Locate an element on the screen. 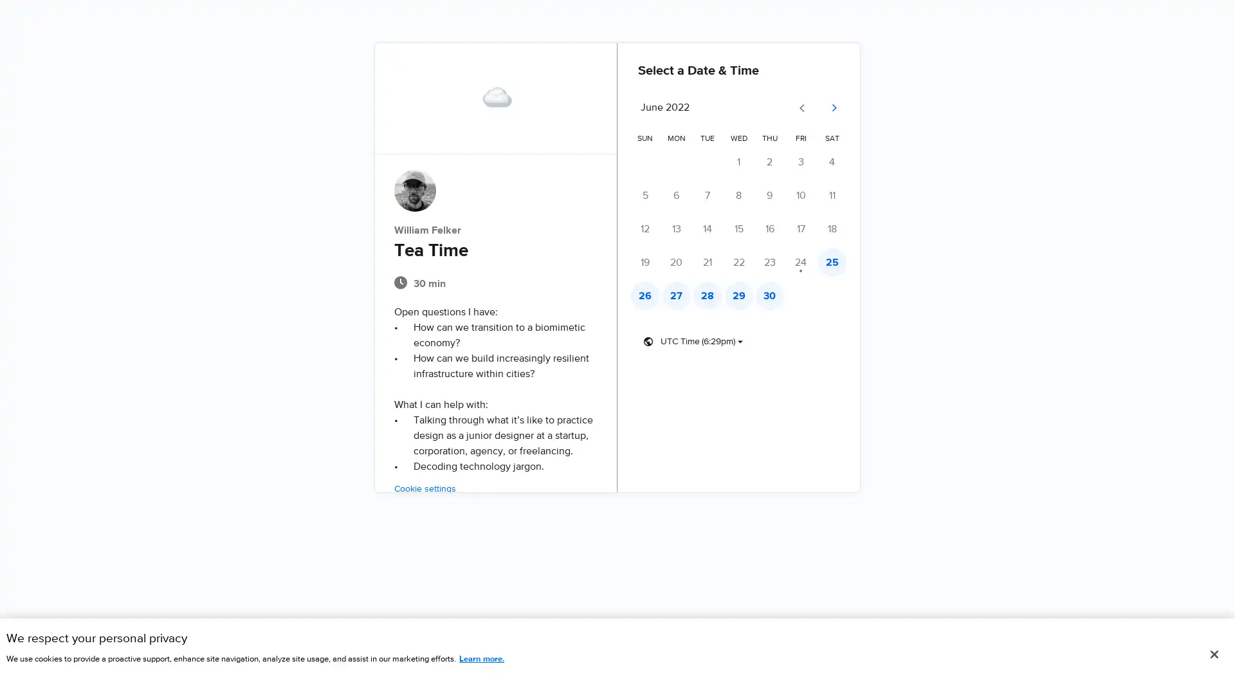 Image resolution: width=1235 pixels, height=695 pixels. Thursday, June 9 - No times available is located at coordinates (778, 196).